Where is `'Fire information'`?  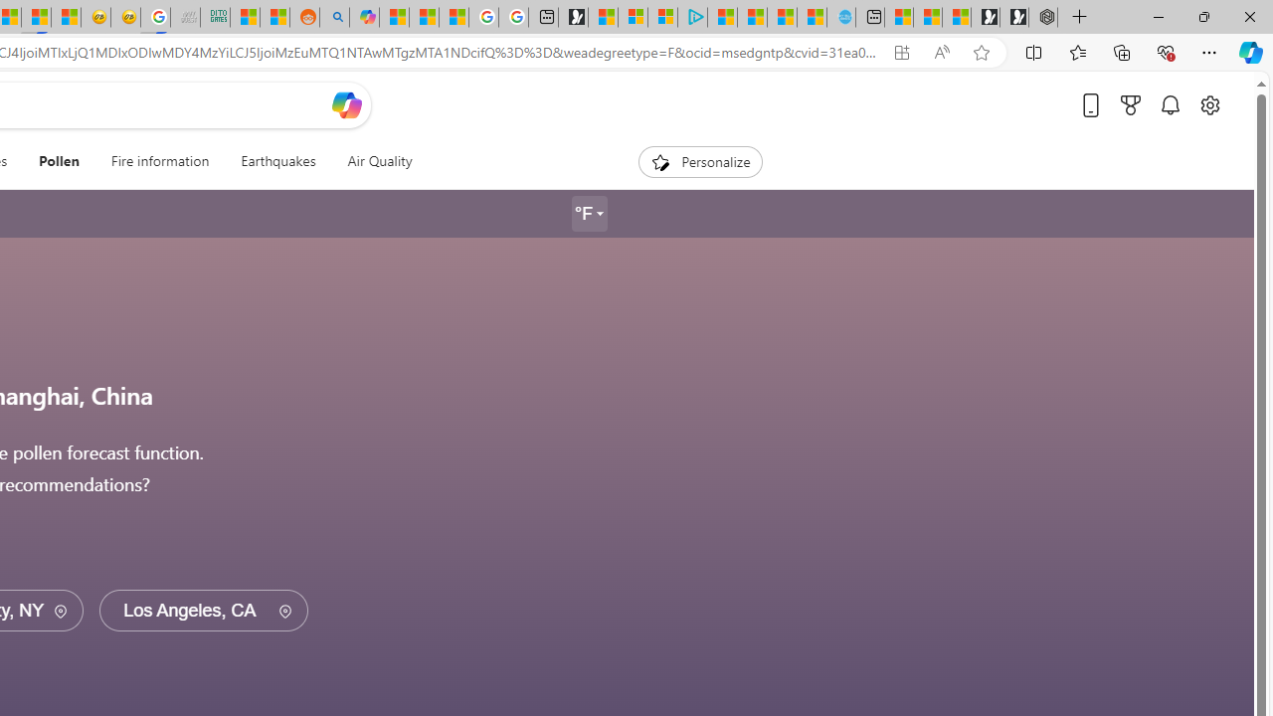 'Fire information' is located at coordinates (160, 161).